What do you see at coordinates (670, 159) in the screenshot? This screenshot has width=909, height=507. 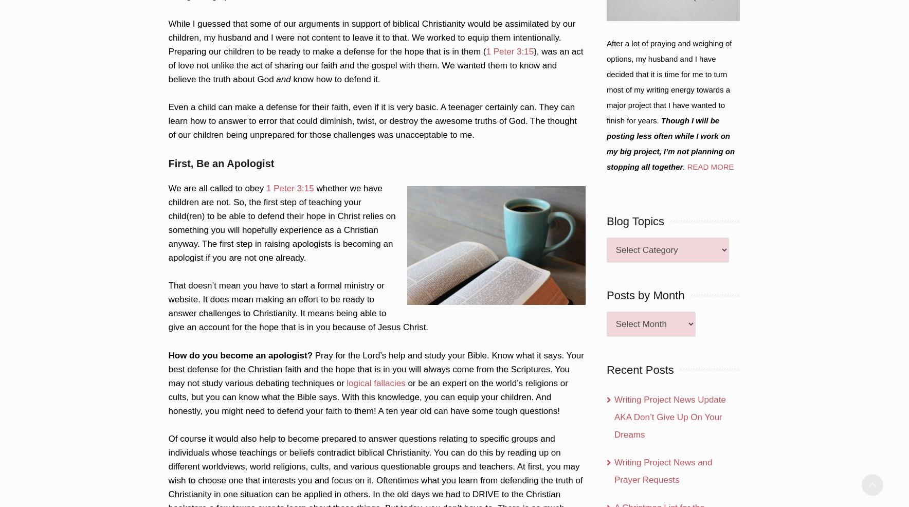 I see `'I’m not planning on stopping all together'` at bounding box center [670, 159].